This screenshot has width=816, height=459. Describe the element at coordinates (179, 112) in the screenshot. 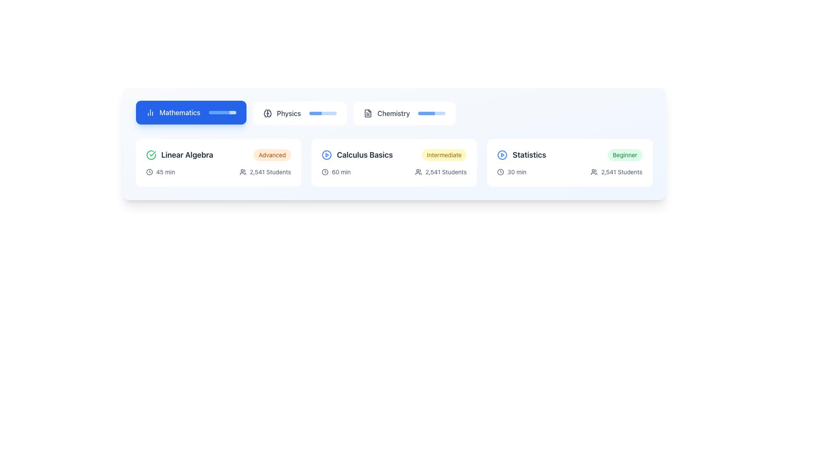

I see `the 'Mathematics' label, which serves as a title for the associated button, located at the center of the blue rectangular button in the top left corner of the interface` at that location.